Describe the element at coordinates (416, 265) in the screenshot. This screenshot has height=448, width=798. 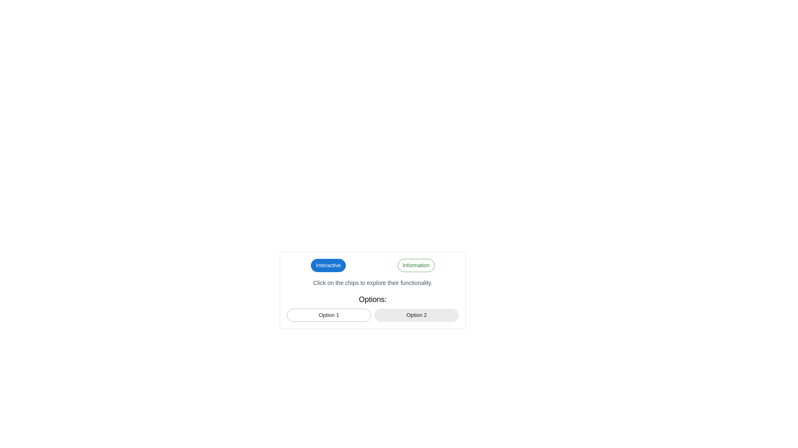
I see `text from the Label that displays 'Information', which is styled with a green border and green text, located to the right of the 'Interactive' chip` at that location.